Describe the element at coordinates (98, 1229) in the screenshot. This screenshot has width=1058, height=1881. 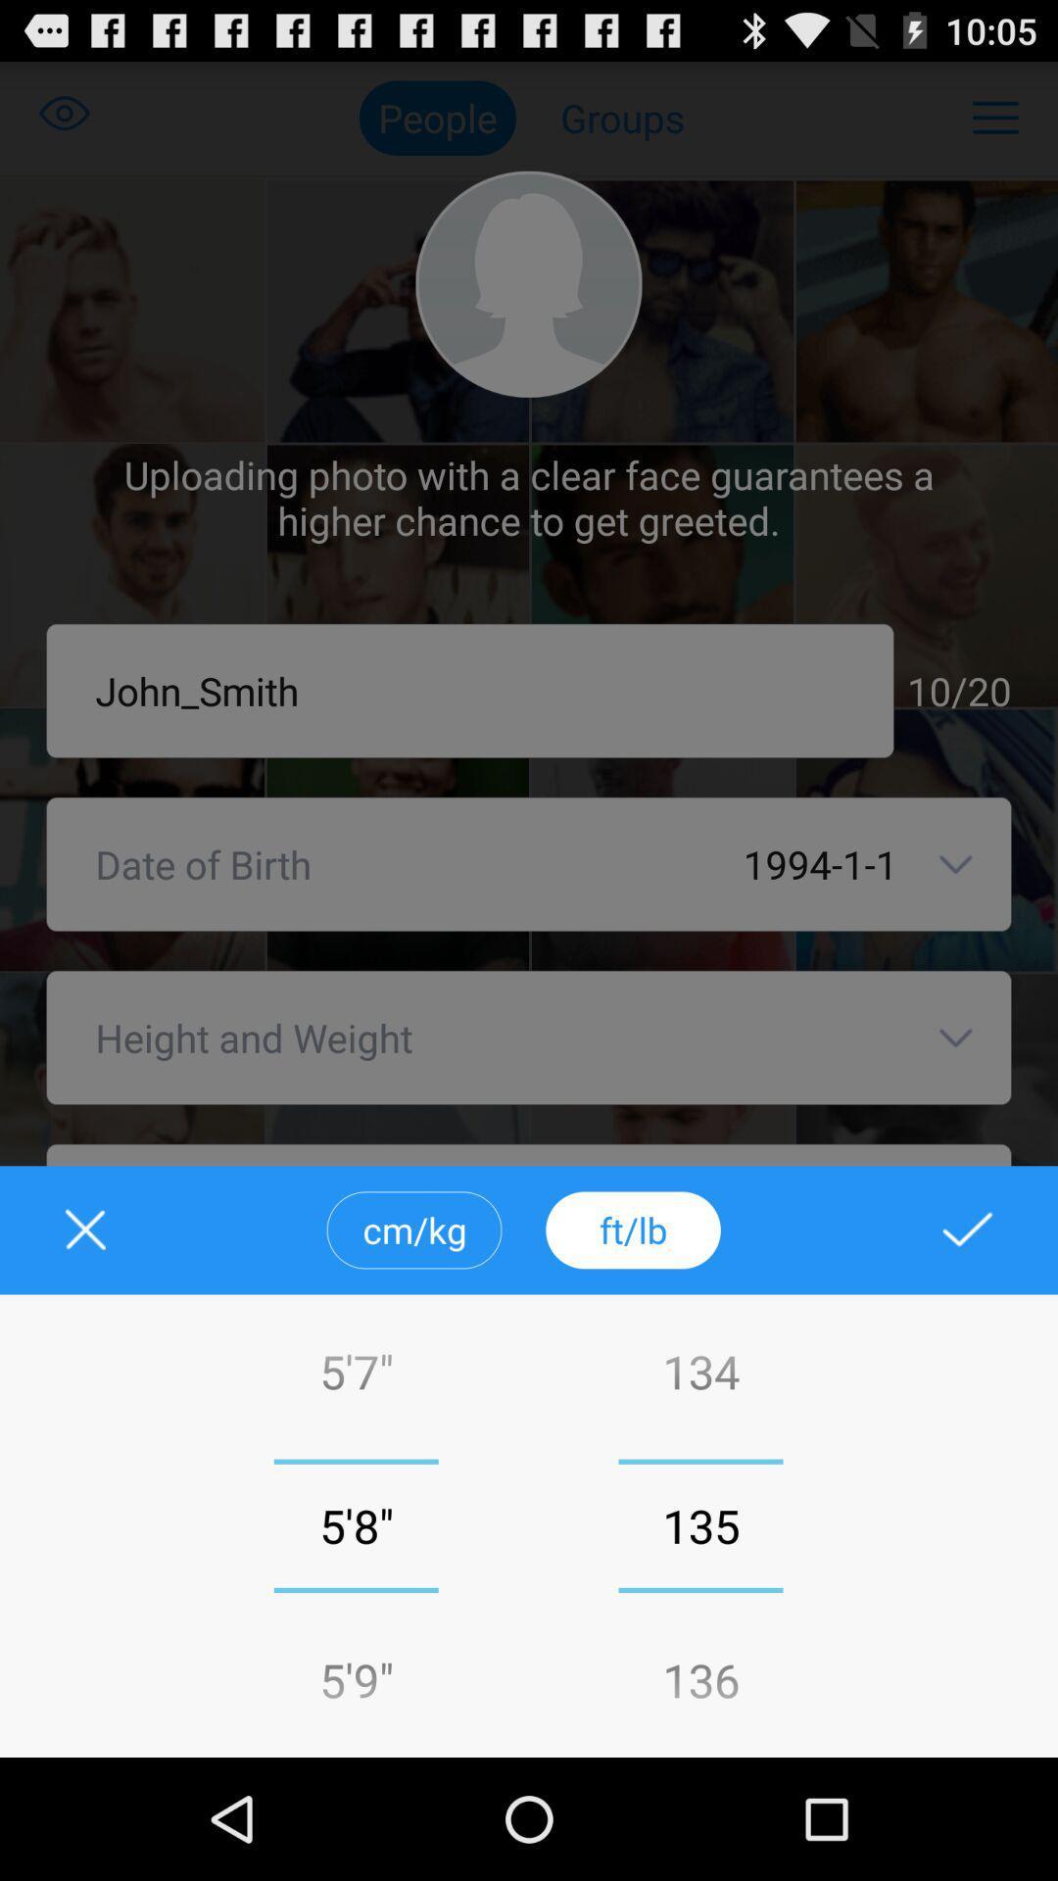
I see `closed` at that location.